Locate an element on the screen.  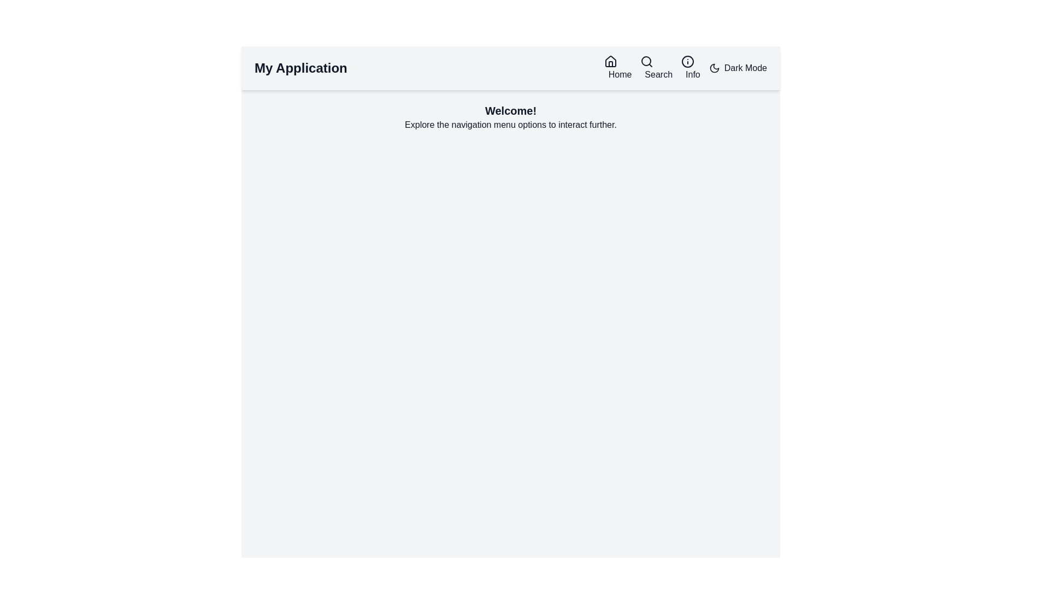
the text label located on the far right side of the navigation bar, which follows the 'Search' button and precedes the 'Dark Mode' option is located at coordinates (692, 74).